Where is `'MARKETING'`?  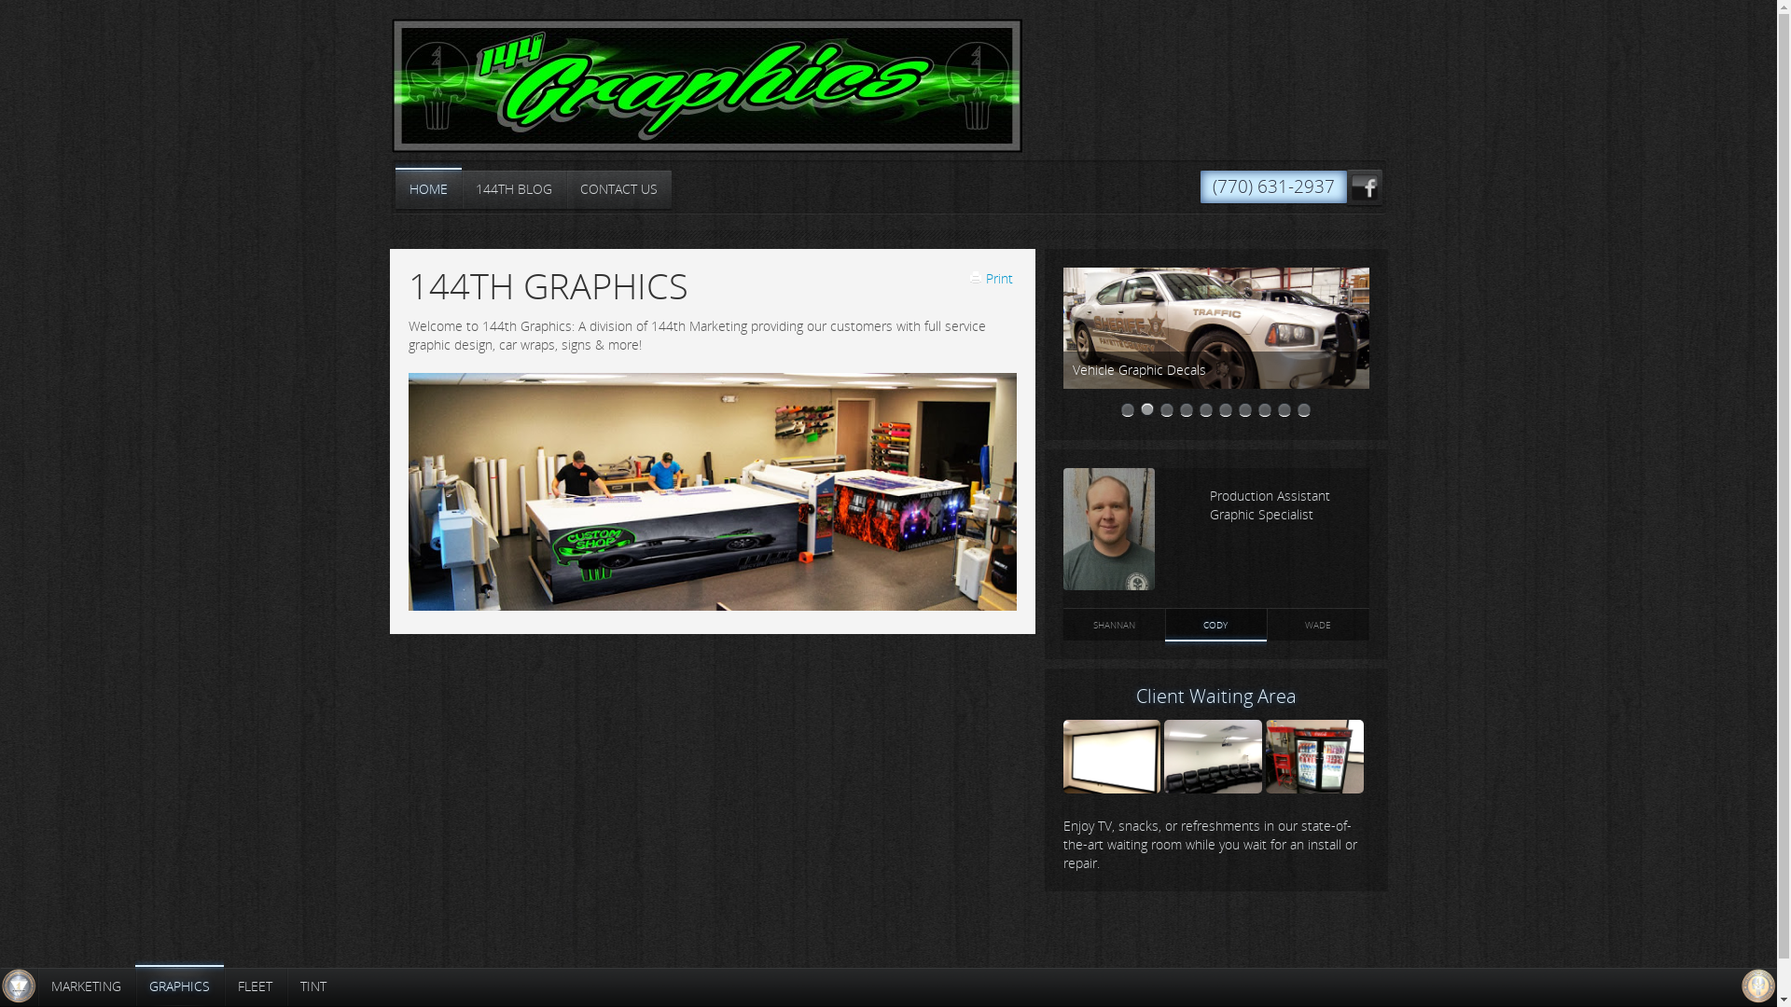
'MARKETING' is located at coordinates (85, 986).